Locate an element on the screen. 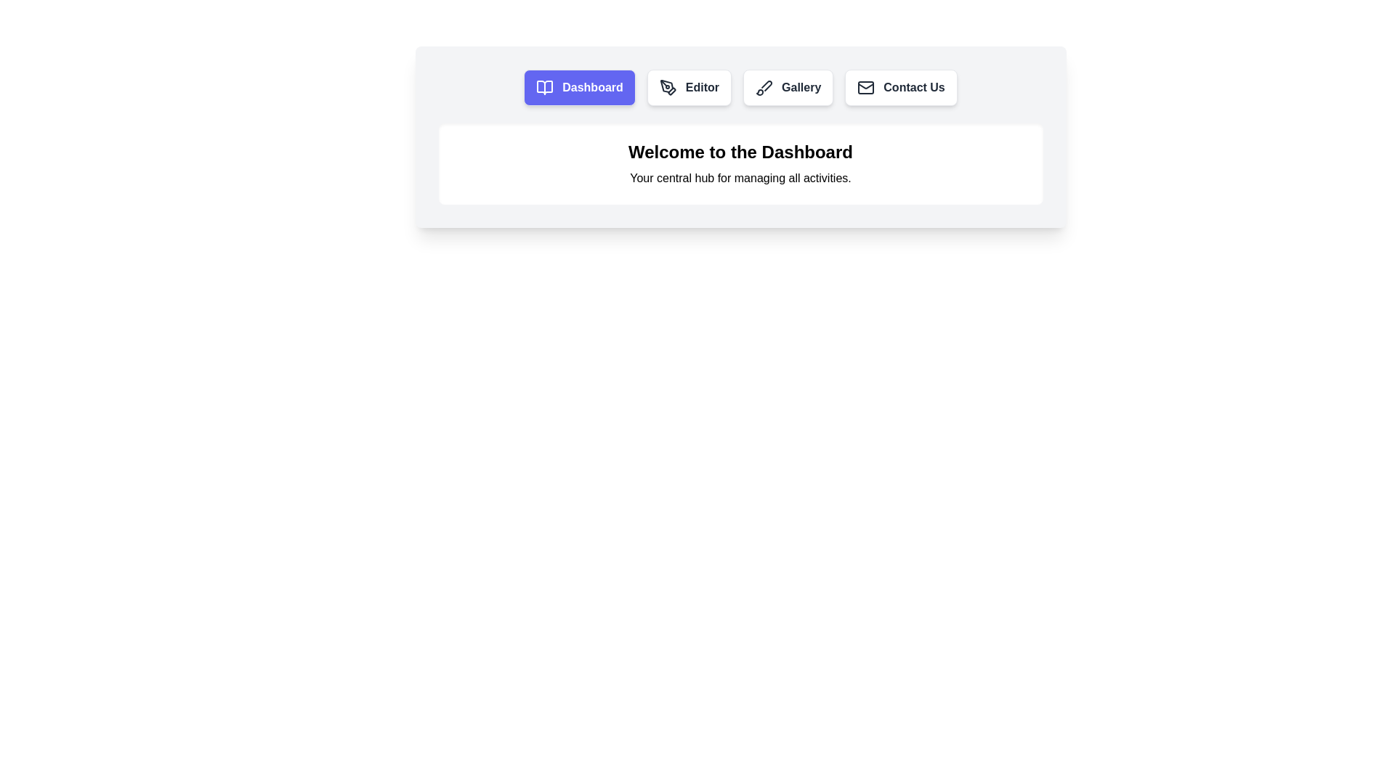 The height and width of the screenshot is (784, 1395). the navigation button is located at coordinates (688, 87).